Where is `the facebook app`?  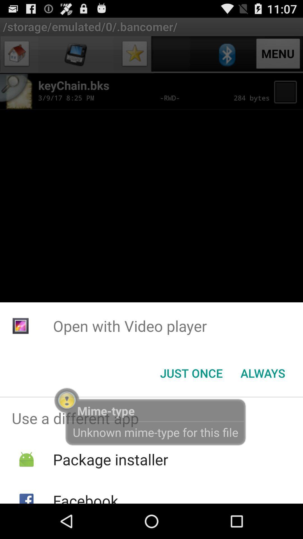
the facebook app is located at coordinates (86, 497).